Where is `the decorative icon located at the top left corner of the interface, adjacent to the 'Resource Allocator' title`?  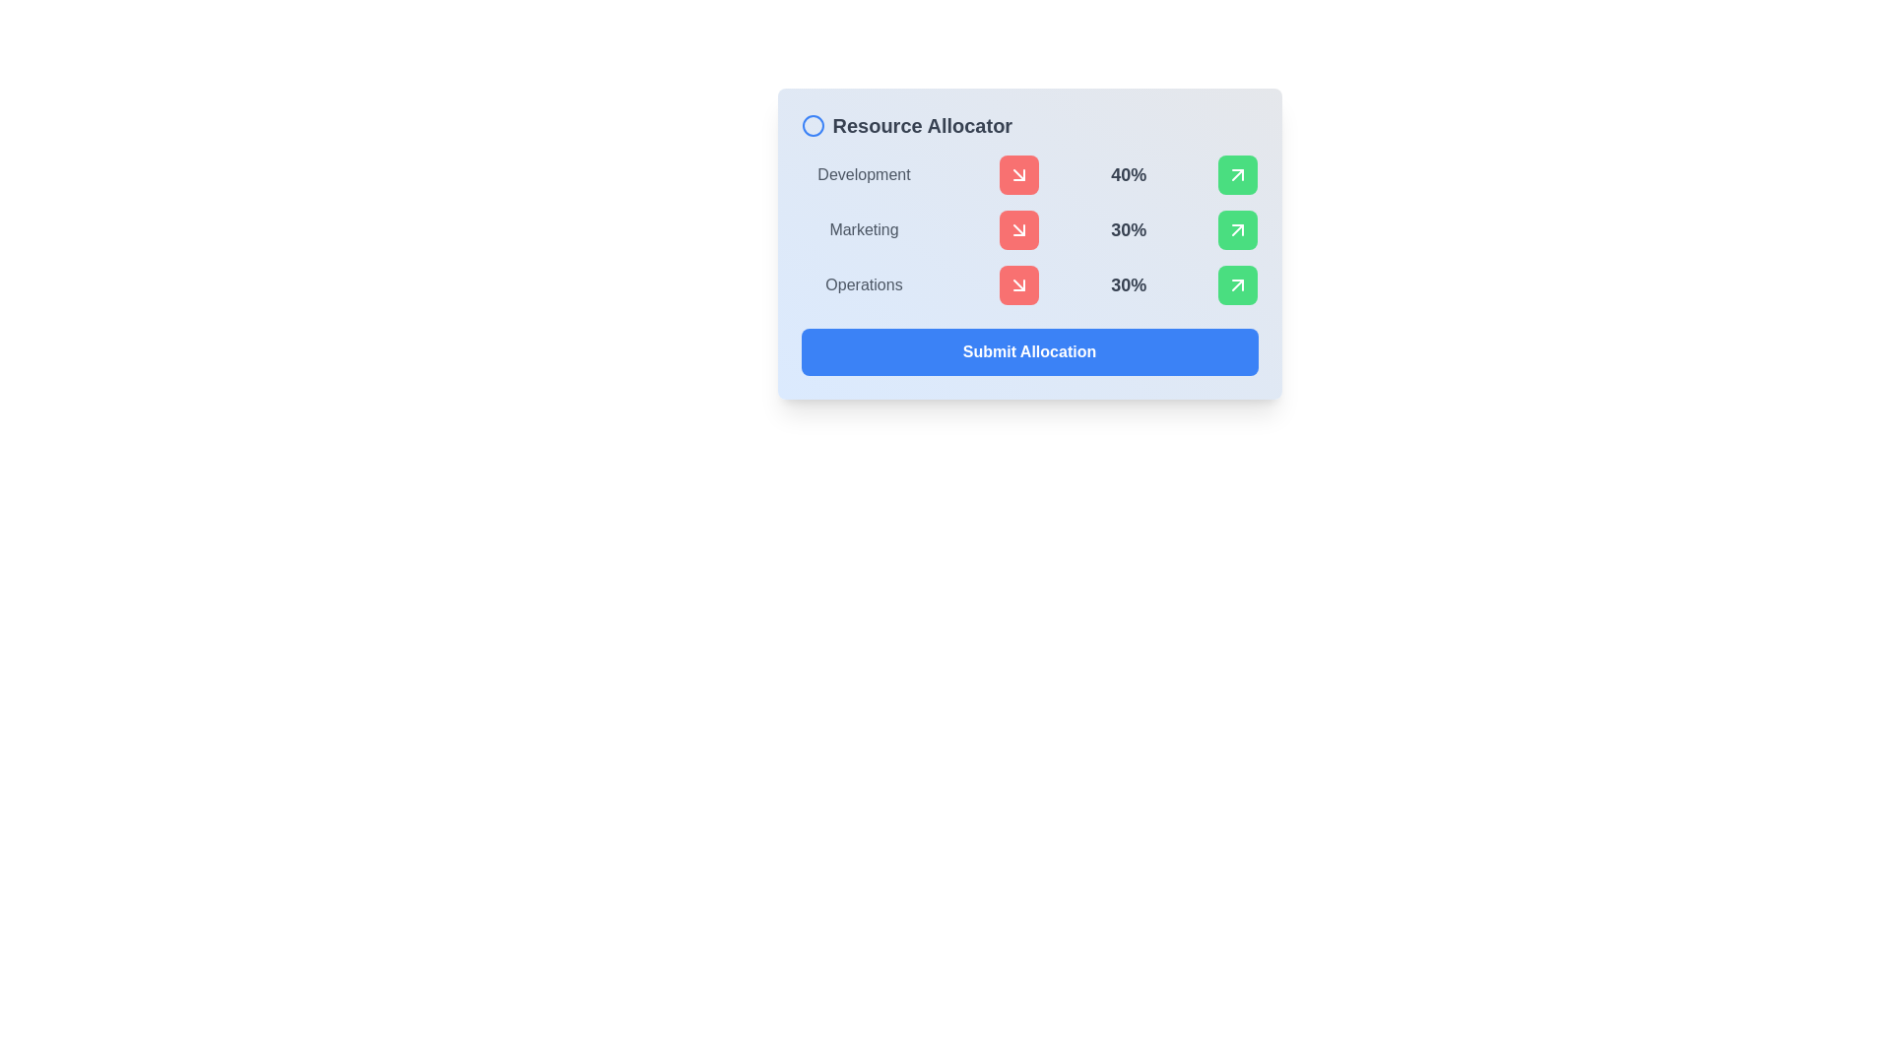
the decorative icon located at the top left corner of the interface, adjacent to the 'Resource Allocator' title is located at coordinates (813, 125).